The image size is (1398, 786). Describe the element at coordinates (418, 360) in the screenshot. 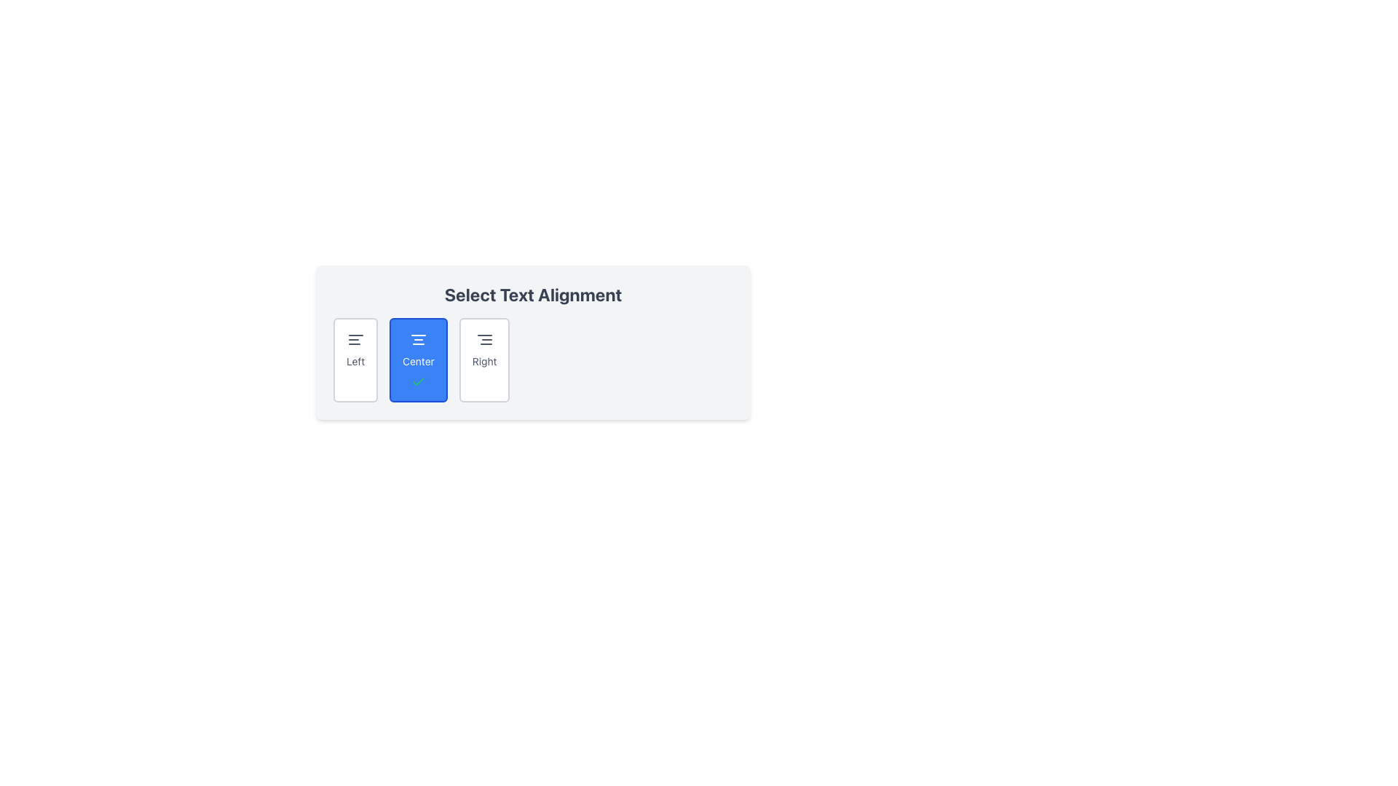

I see `the blue button labeled 'Center,' which is the middle button in a row of three buttons below the 'Select Text Alignment' title` at that location.